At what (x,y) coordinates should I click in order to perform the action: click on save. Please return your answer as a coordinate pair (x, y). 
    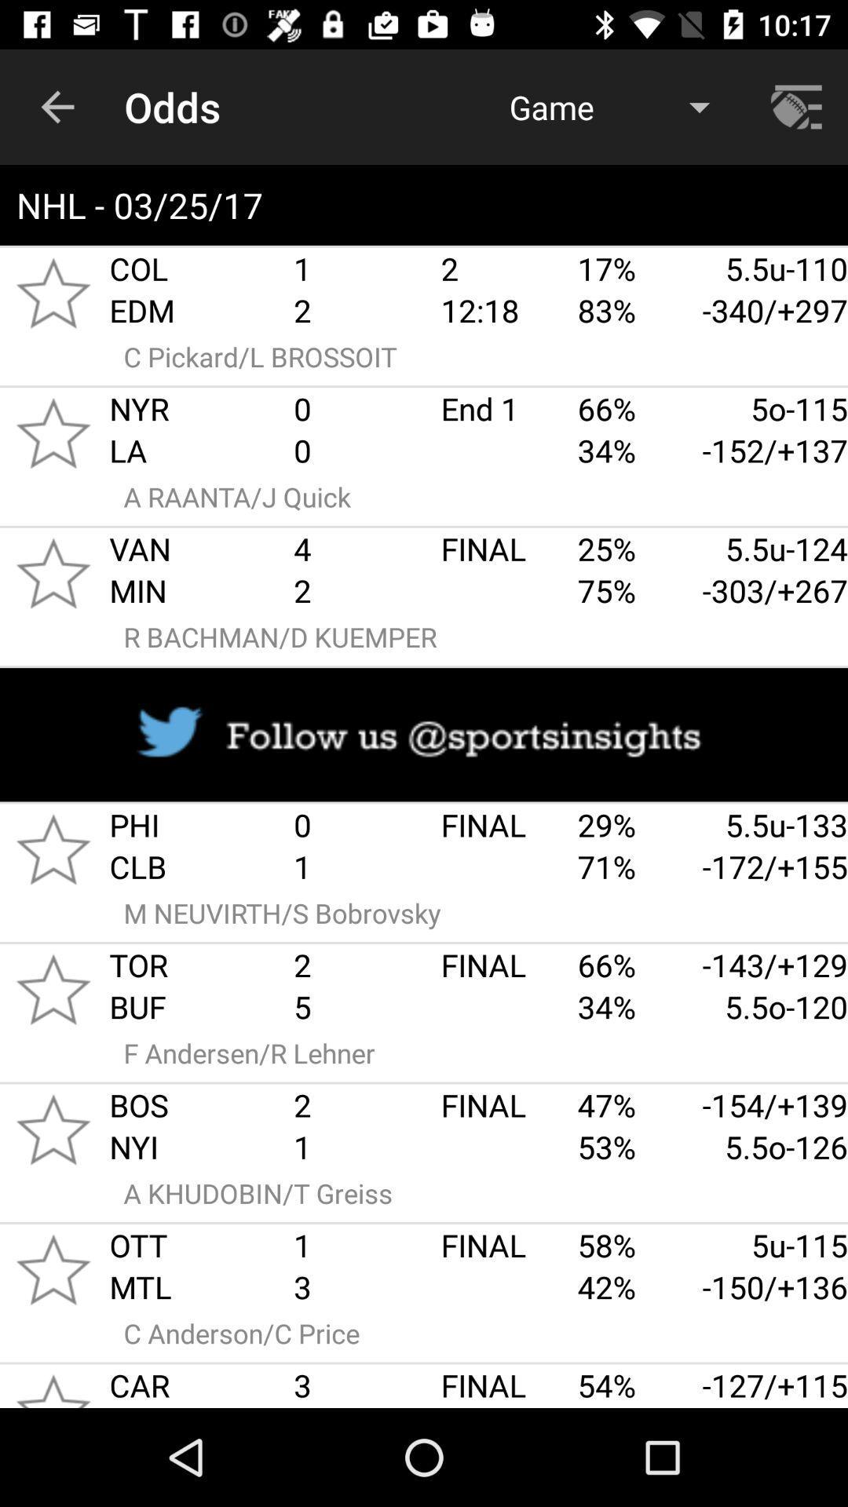
    Looking at the image, I should click on (53, 1269).